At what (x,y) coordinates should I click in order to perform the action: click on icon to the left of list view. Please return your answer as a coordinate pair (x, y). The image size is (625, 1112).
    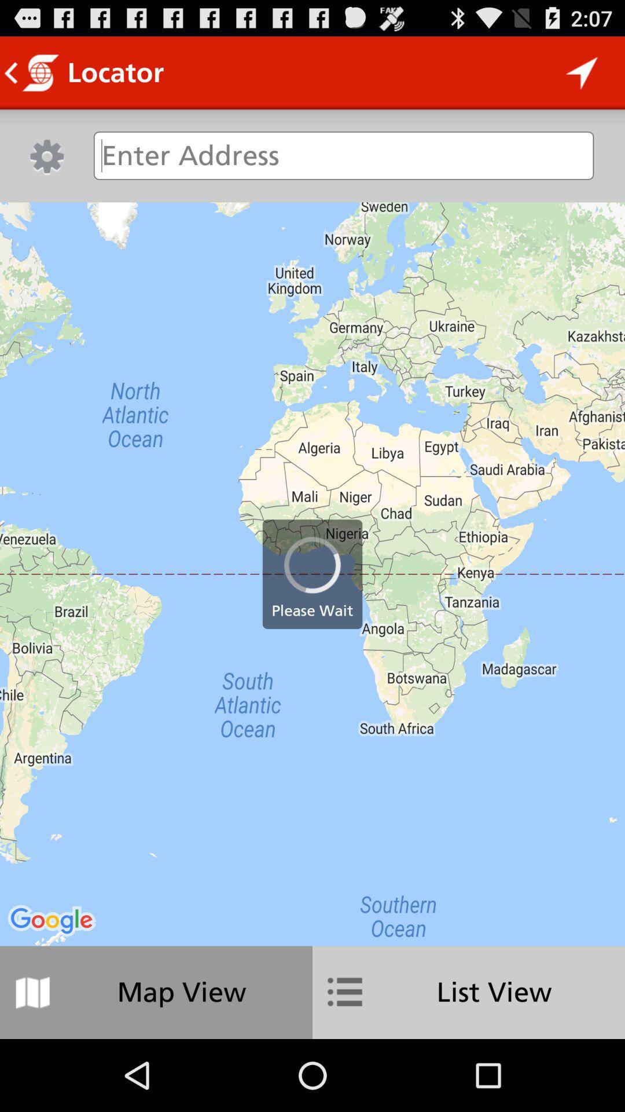
    Looking at the image, I should click on (156, 992).